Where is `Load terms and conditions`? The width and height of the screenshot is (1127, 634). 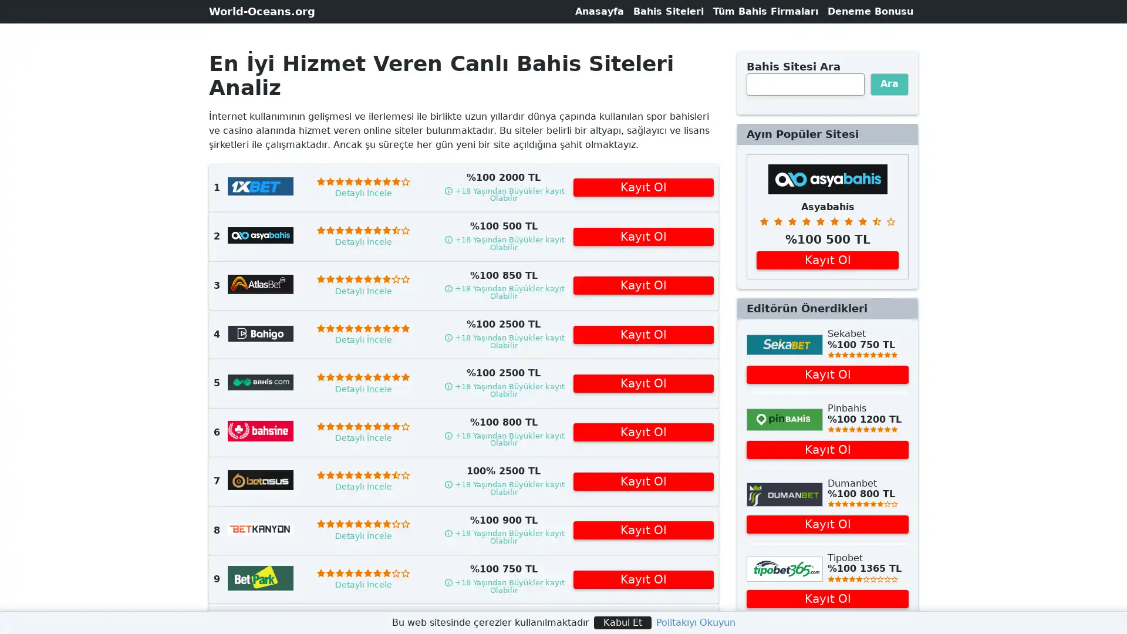
Load terms and conditions is located at coordinates (503, 537).